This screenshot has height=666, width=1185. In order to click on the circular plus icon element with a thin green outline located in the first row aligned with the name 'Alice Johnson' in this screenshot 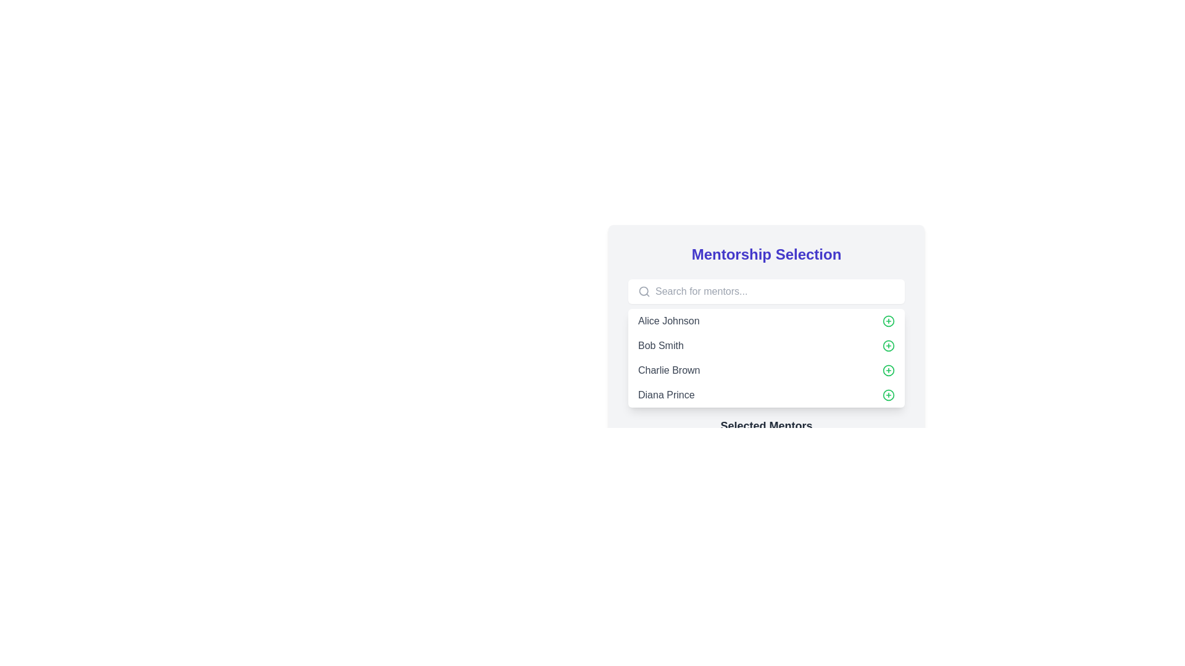, I will do `click(889, 320)`.